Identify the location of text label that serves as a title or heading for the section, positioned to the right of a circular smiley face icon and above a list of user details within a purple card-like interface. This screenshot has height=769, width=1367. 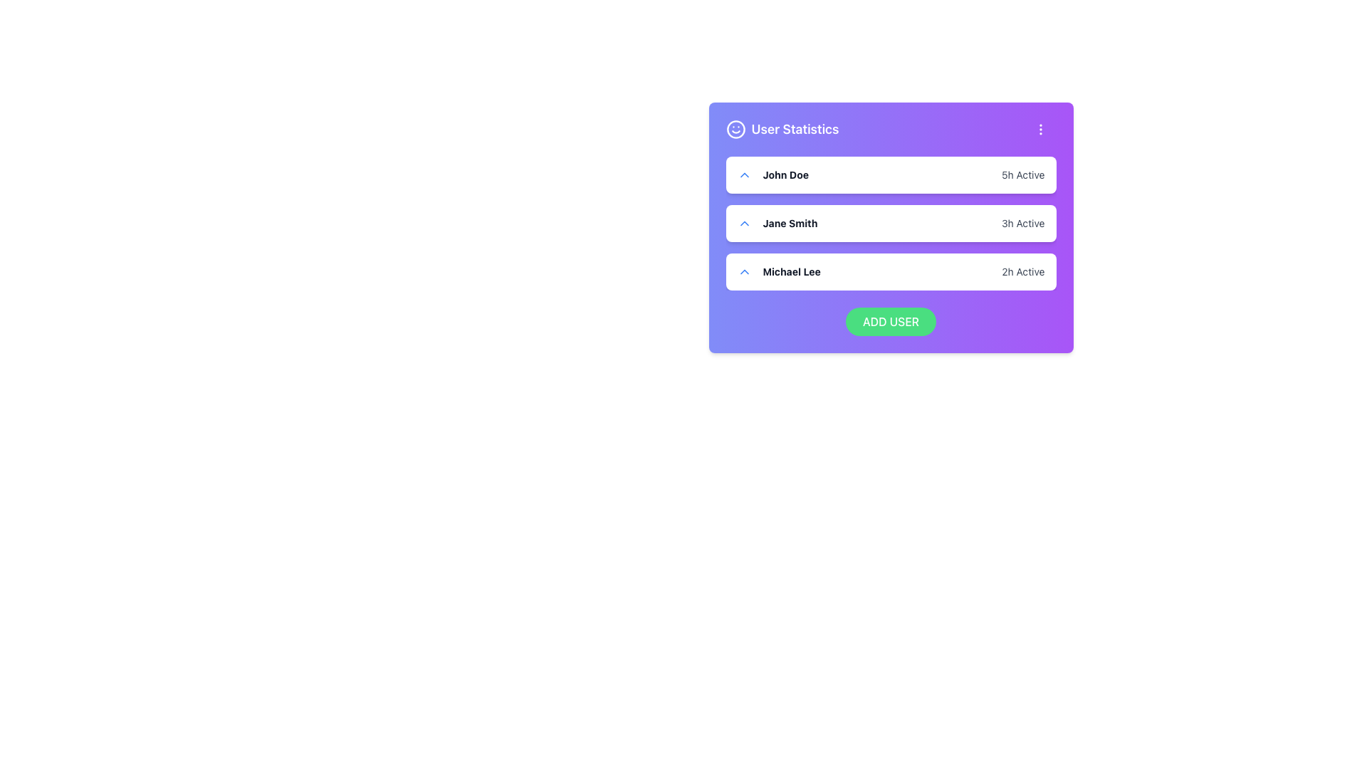
(795, 129).